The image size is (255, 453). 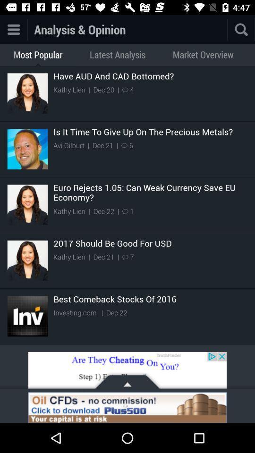 What do you see at coordinates (241, 29) in the screenshot?
I see `search page` at bounding box center [241, 29].